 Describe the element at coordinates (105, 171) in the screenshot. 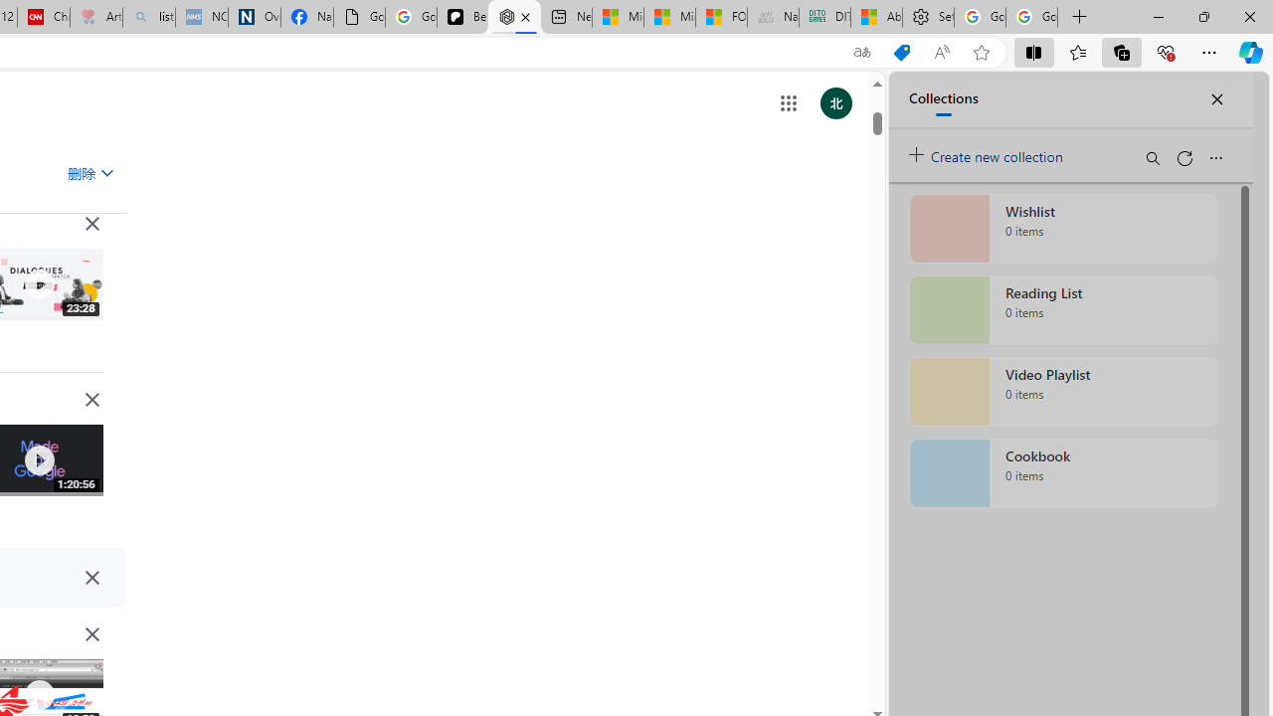

I see `'Class: asE2Ub NMm5M'` at that location.